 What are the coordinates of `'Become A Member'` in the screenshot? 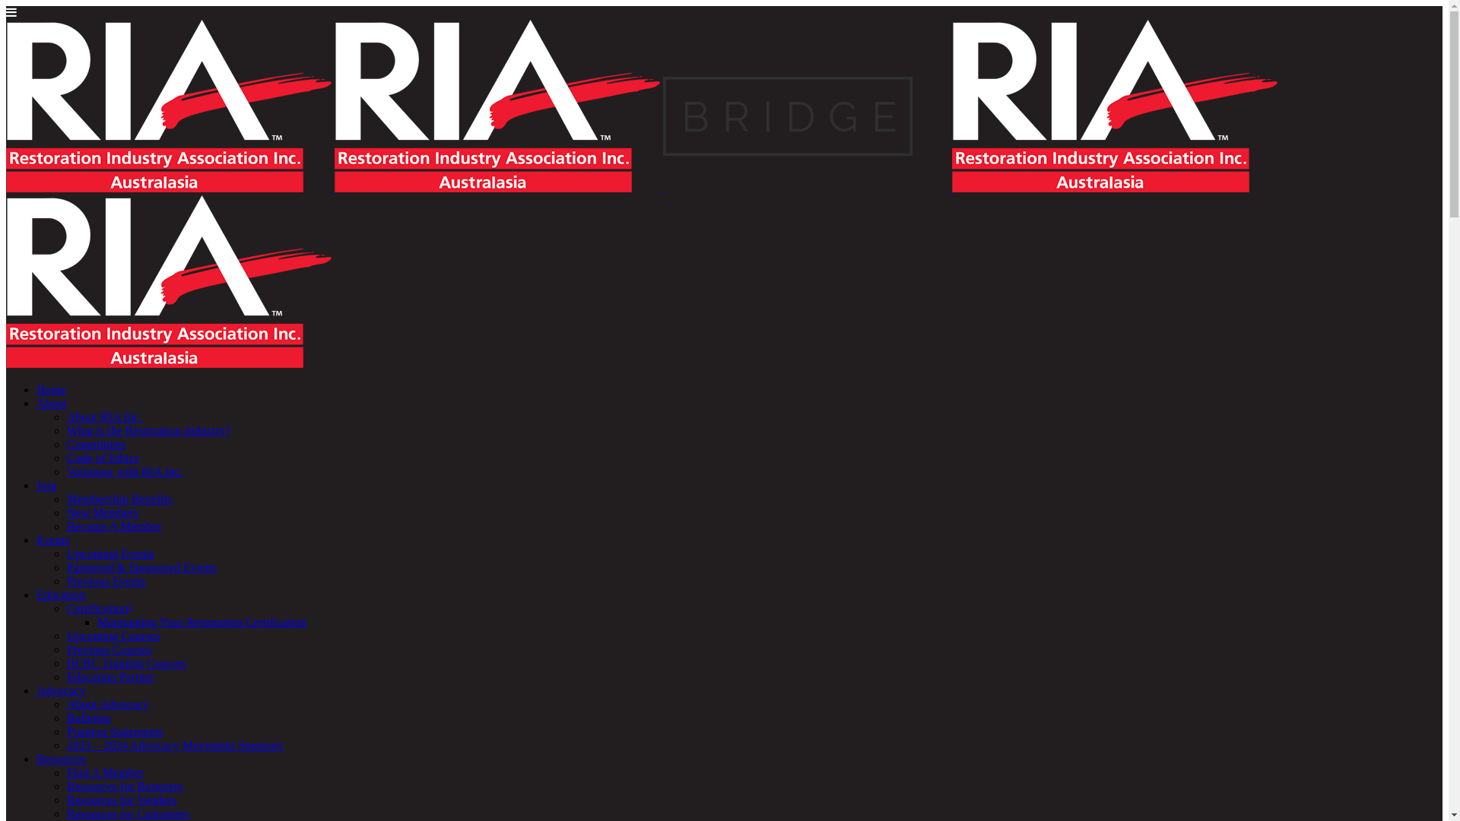 It's located at (113, 525).